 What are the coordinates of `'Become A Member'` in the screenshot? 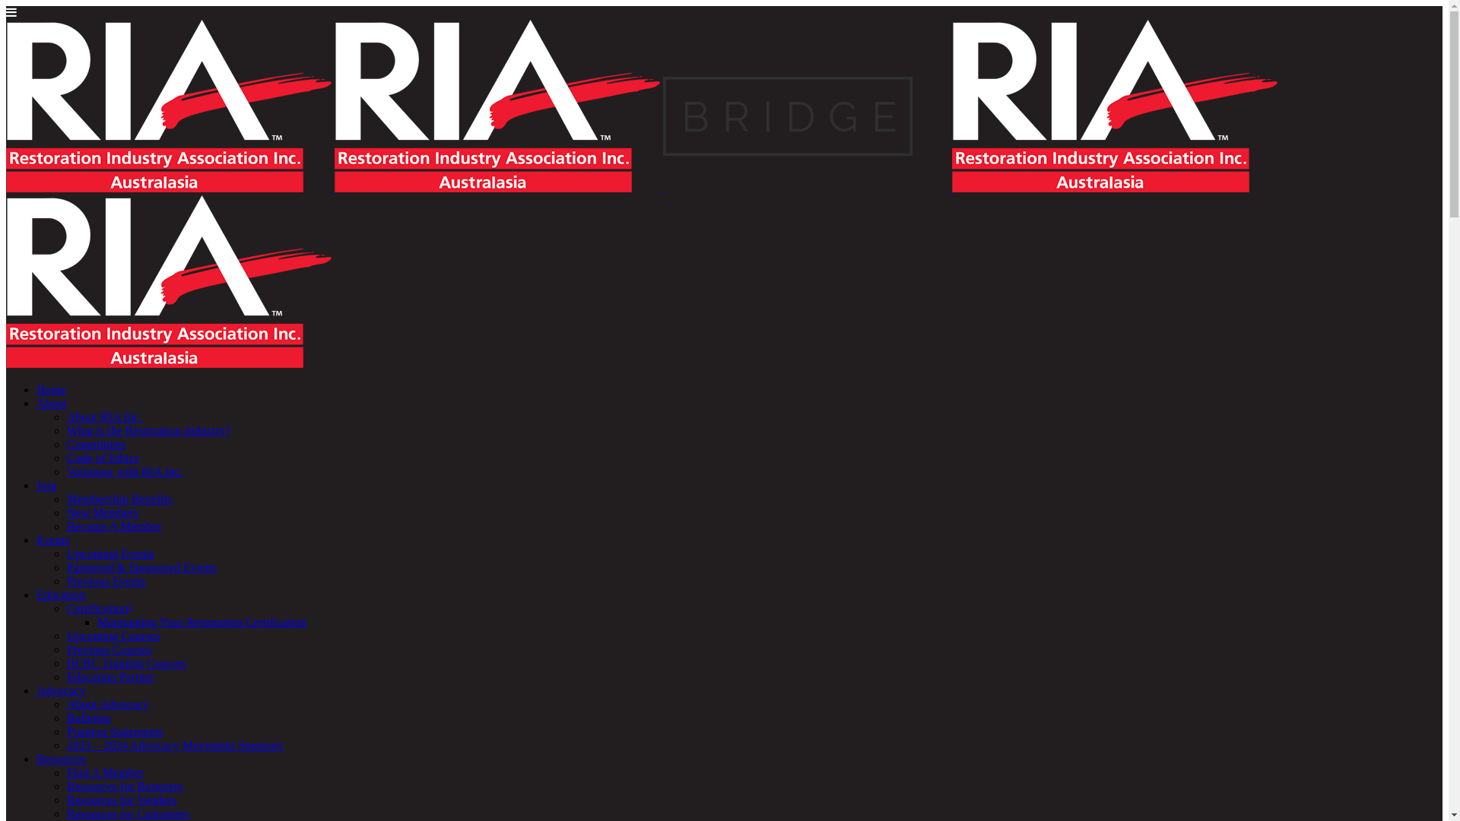 It's located at (113, 525).